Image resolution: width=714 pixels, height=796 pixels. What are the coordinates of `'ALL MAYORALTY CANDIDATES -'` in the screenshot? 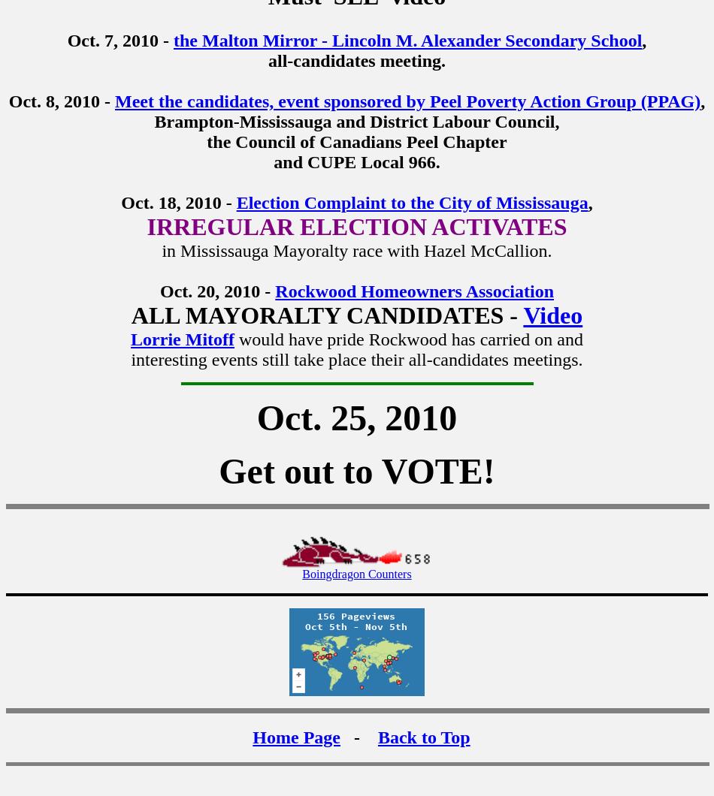 It's located at (326, 314).